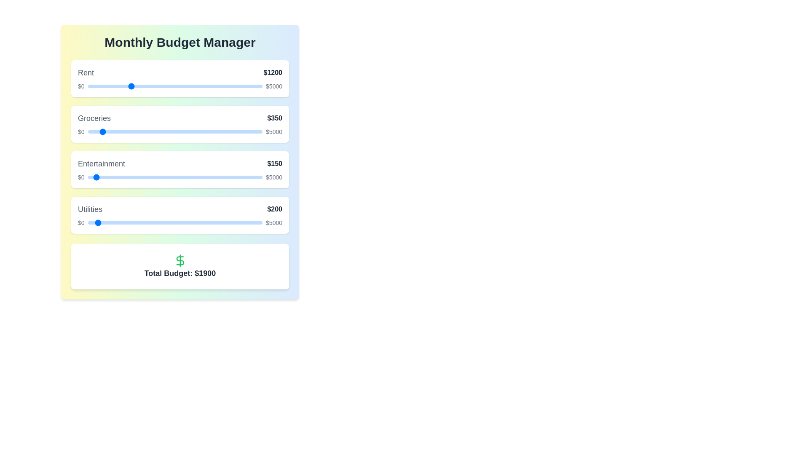  I want to click on the utilities budget, so click(257, 222).